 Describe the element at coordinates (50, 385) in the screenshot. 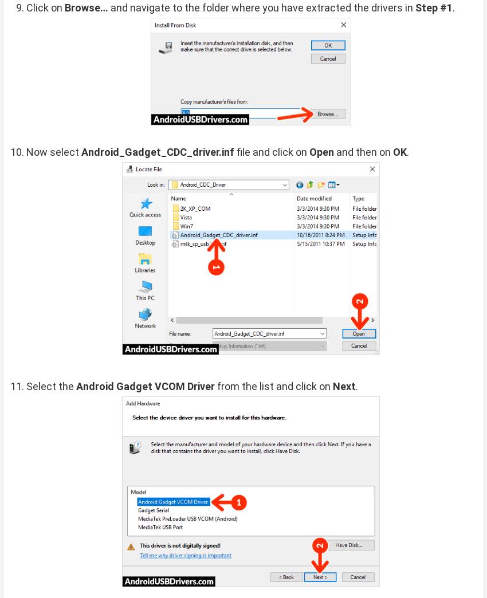

I see `'Select the'` at that location.